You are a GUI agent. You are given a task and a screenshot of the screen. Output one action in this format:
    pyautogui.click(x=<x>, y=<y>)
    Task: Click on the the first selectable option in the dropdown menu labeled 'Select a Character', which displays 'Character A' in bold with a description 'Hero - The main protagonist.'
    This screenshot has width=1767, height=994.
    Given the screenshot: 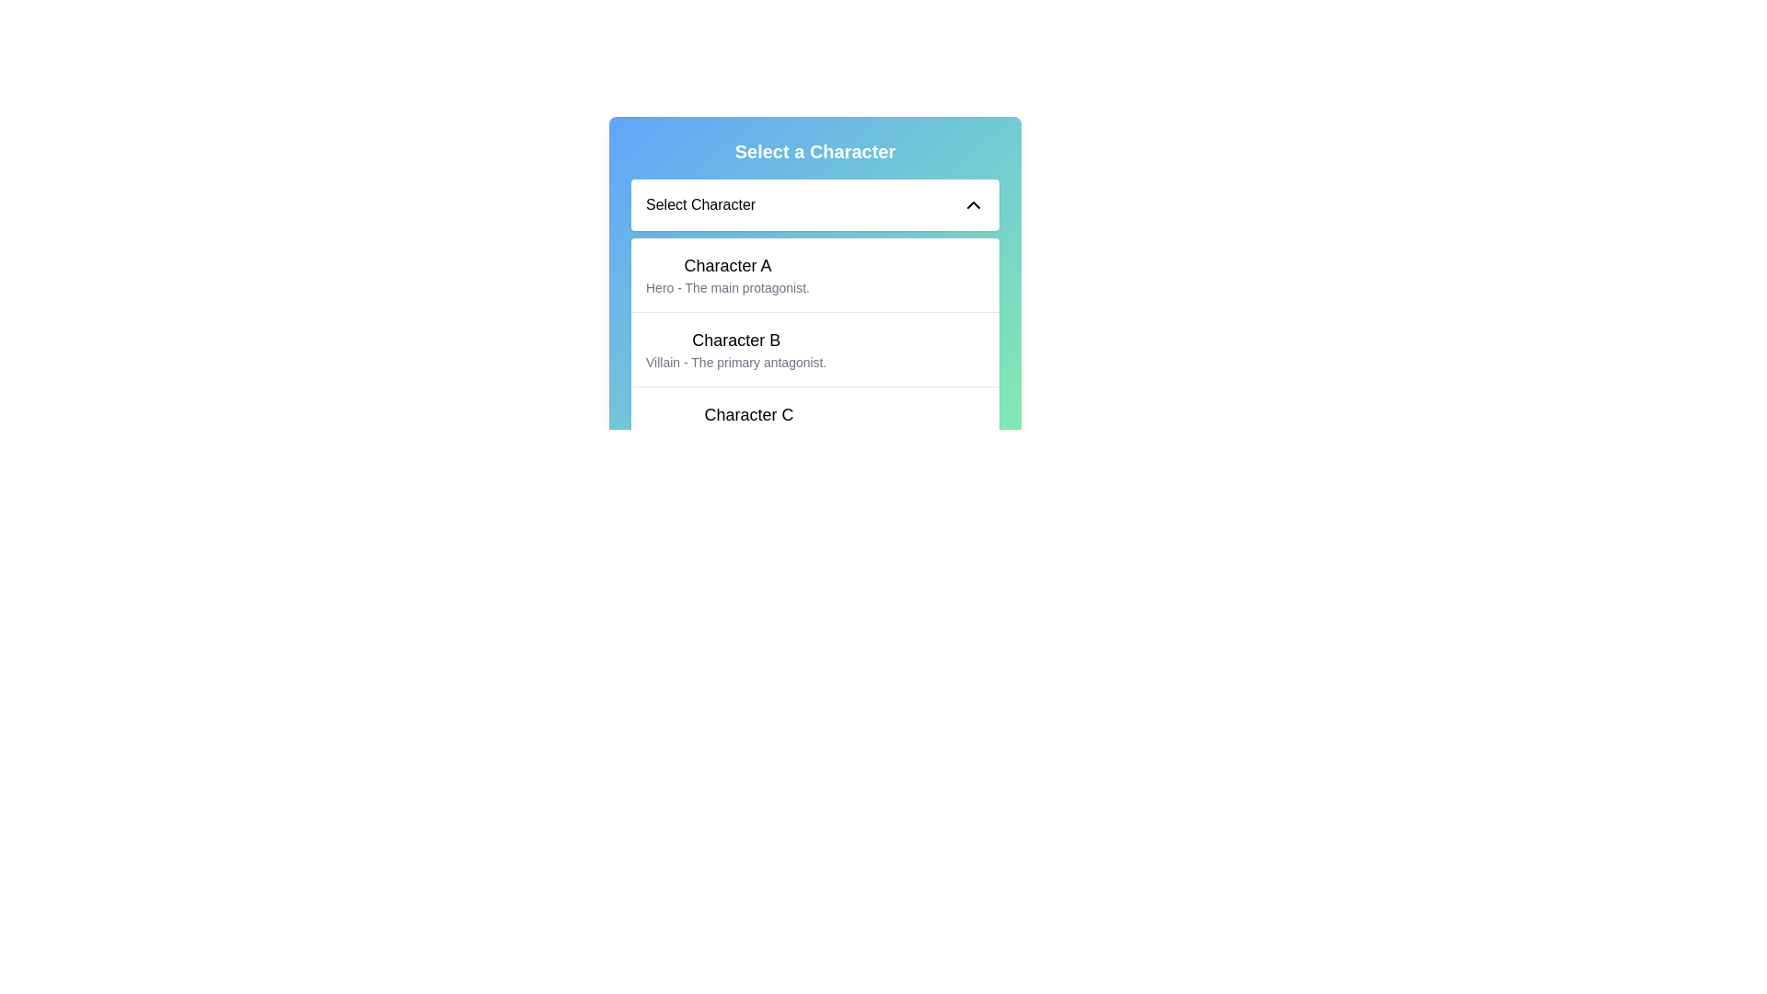 What is the action you would take?
    pyautogui.click(x=814, y=275)
    